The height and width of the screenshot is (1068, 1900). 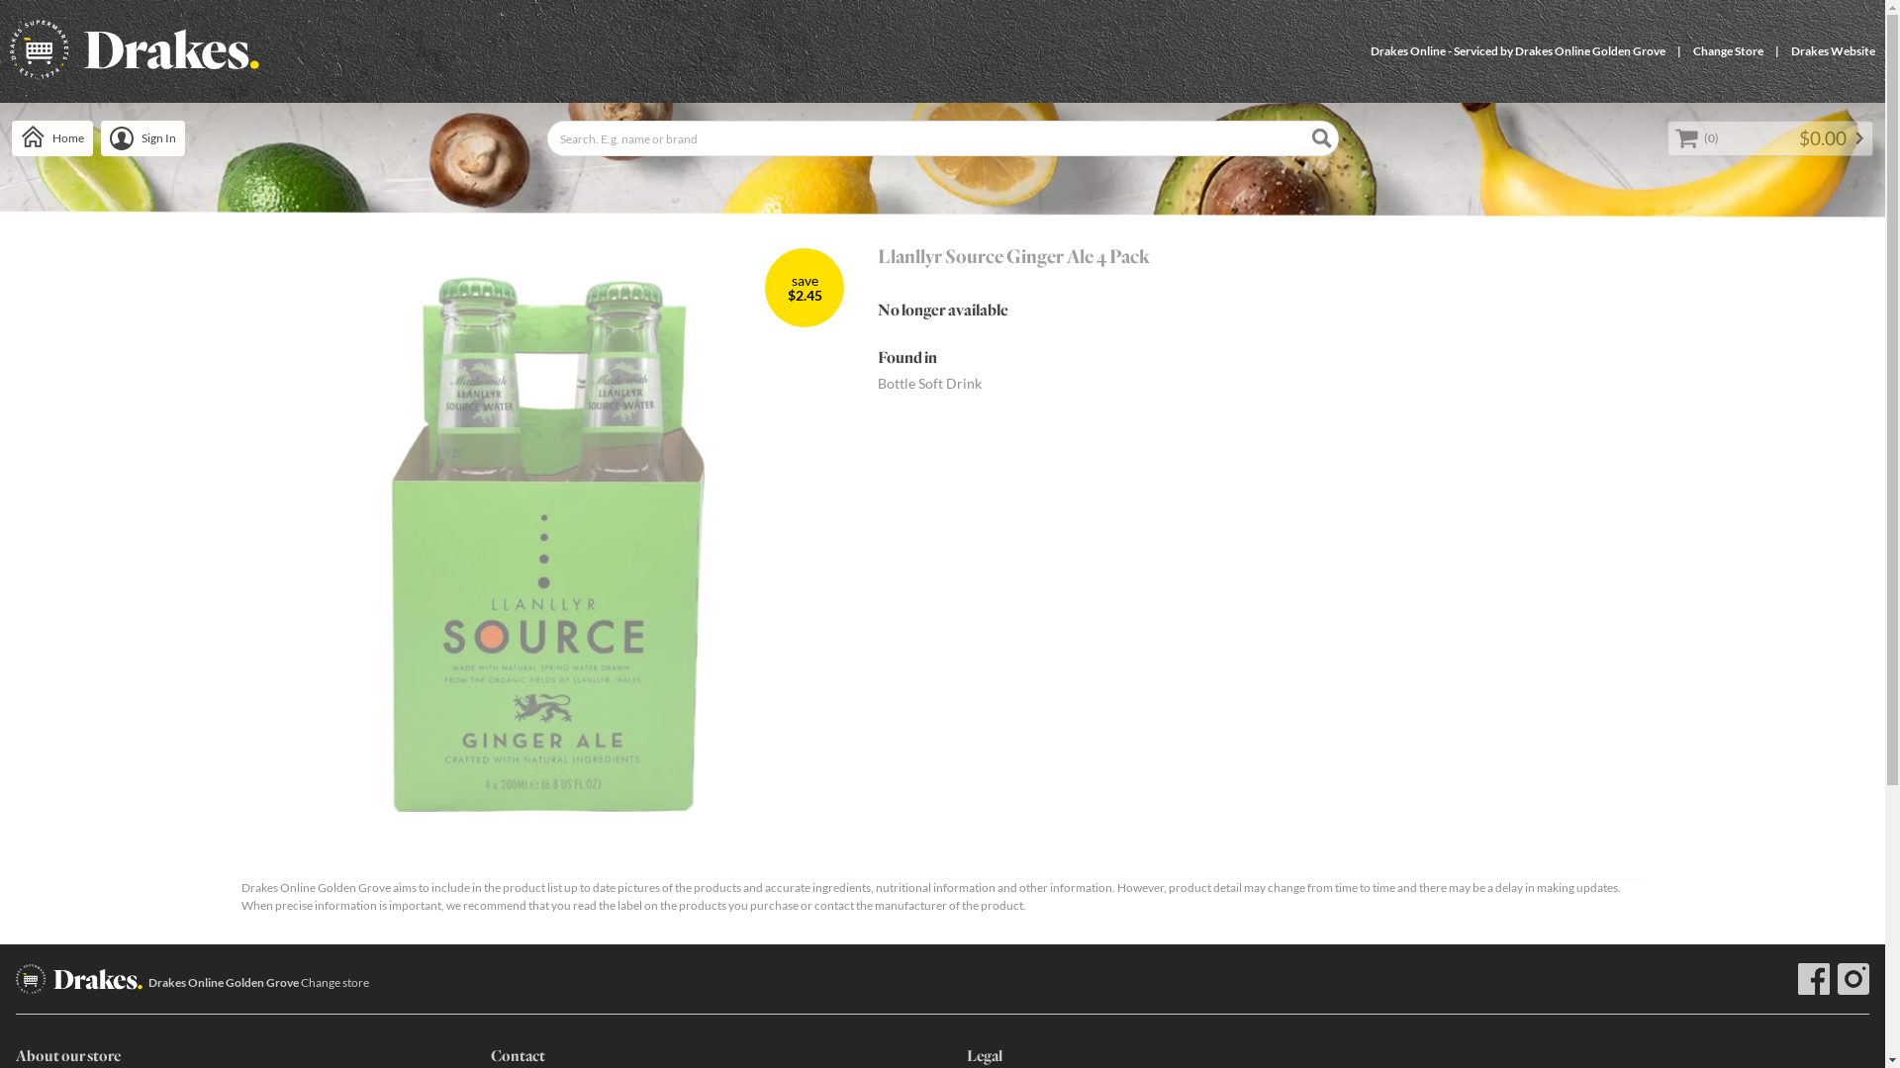 I want to click on 'Bottle Soft Drink', so click(x=928, y=383).